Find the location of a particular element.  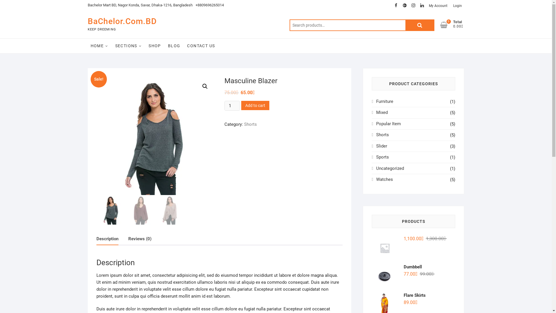

'HOME' is located at coordinates (99, 46).